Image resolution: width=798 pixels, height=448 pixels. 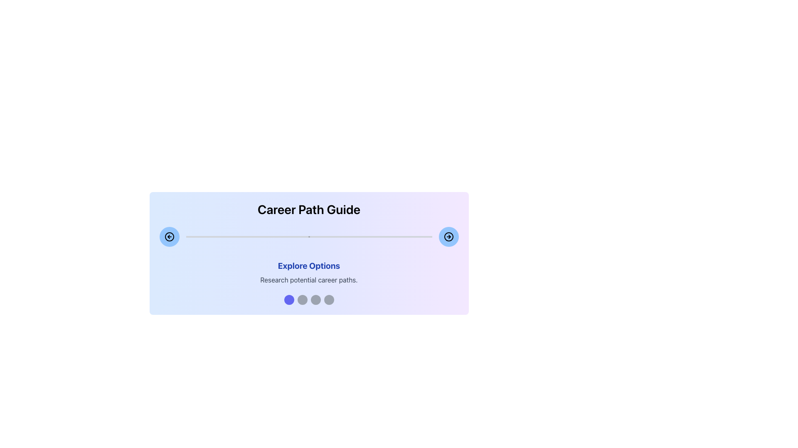 I want to click on the non-interactive text label that provides information about the 'Explore Options' section, located directly below the heading 'Explore Options.', so click(x=308, y=280).